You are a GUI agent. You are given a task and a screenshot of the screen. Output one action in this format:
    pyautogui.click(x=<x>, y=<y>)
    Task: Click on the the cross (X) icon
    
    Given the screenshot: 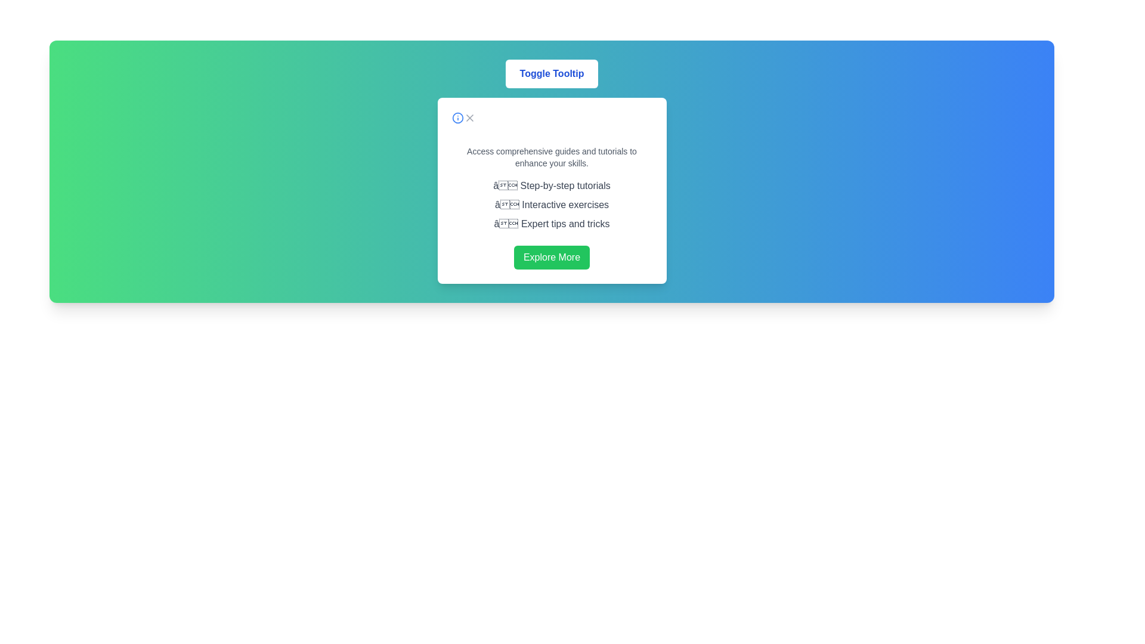 What is the action you would take?
    pyautogui.click(x=469, y=117)
    